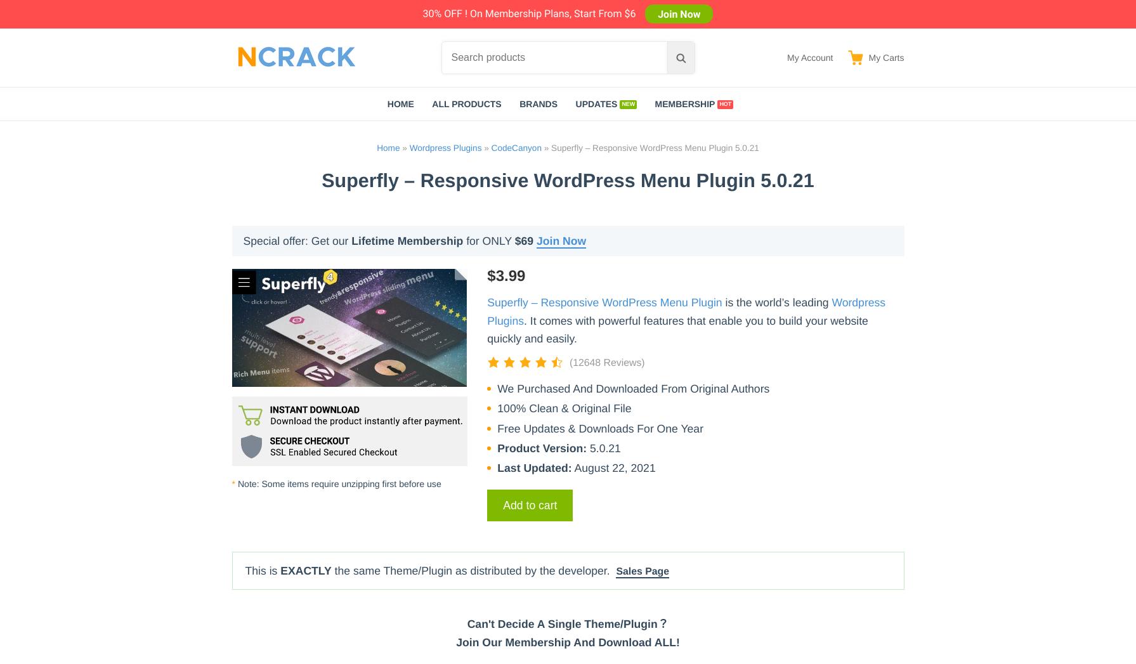 This screenshot has width=1136, height=664. I want to click on '5.0.21', so click(603, 446).